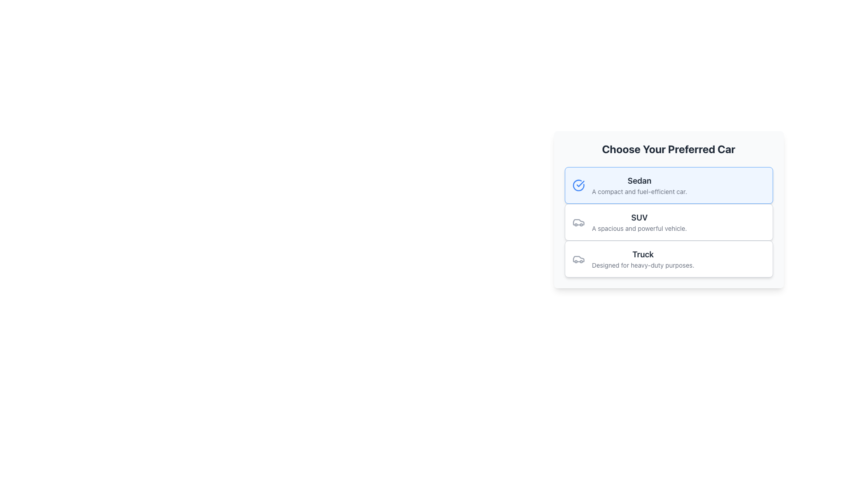 The width and height of the screenshot is (862, 485). What do you see at coordinates (578, 185) in the screenshot?
I see `blue circular icon that represents the selected state within the 'Sedan' option for accessibility purposes` at bounding box center [578, 185].